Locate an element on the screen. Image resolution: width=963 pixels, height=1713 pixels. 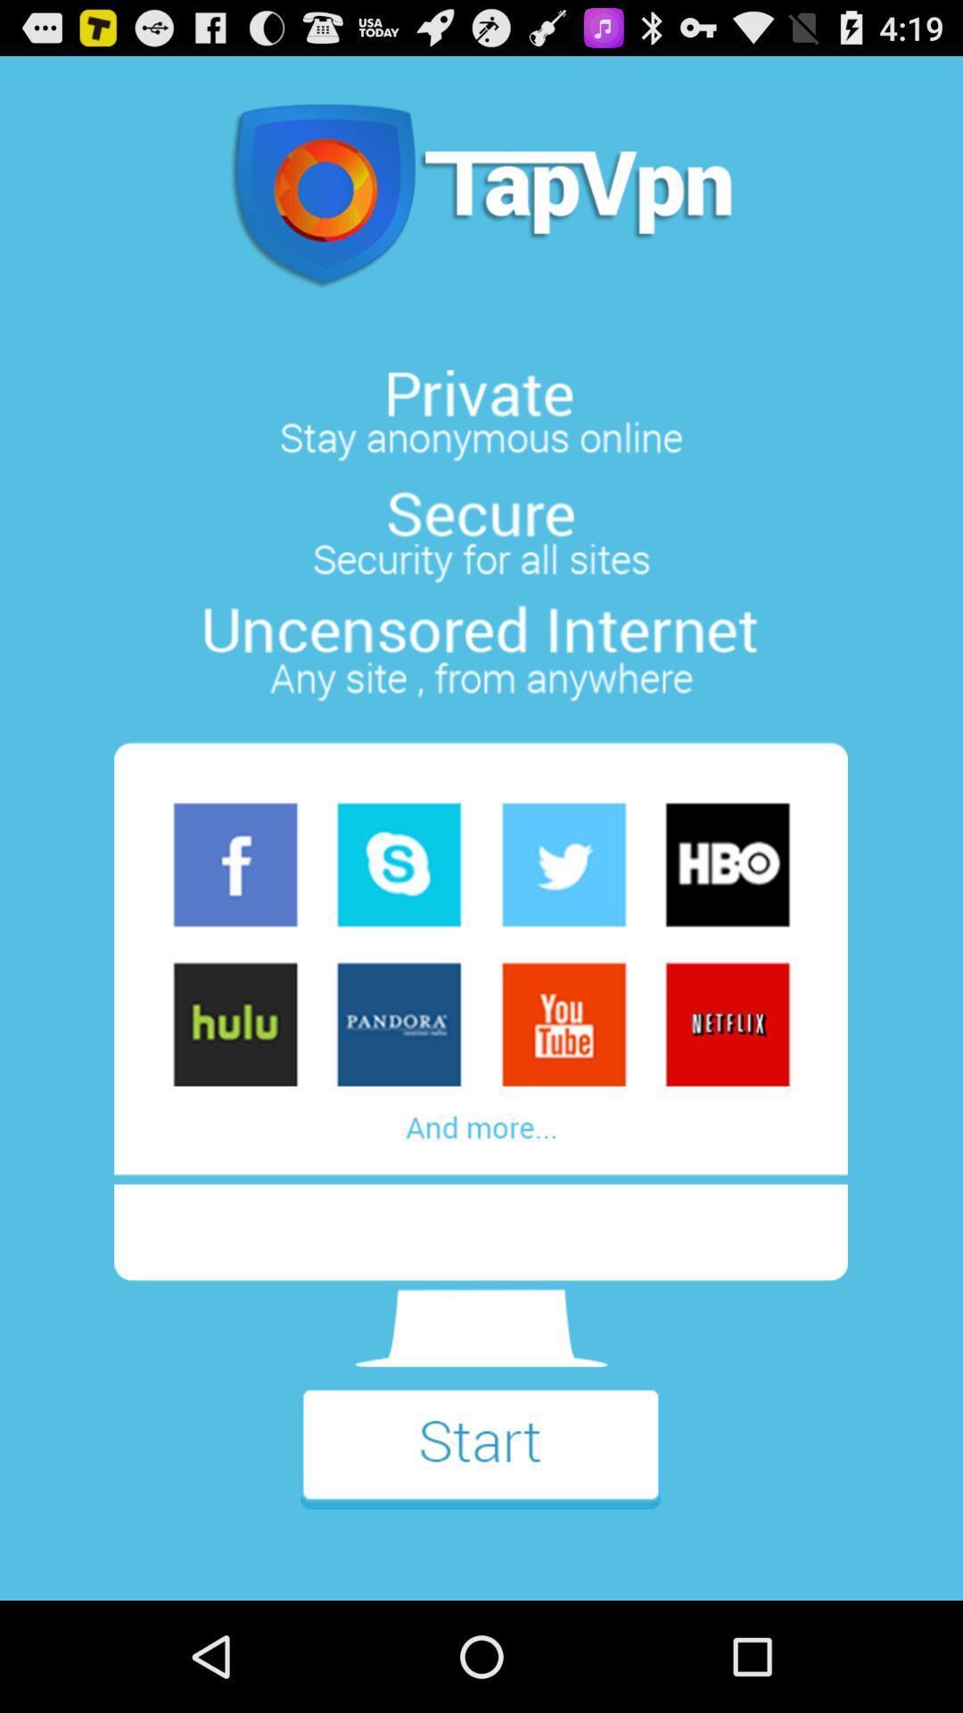
the flight icon is located at coordinates (480, 1562).